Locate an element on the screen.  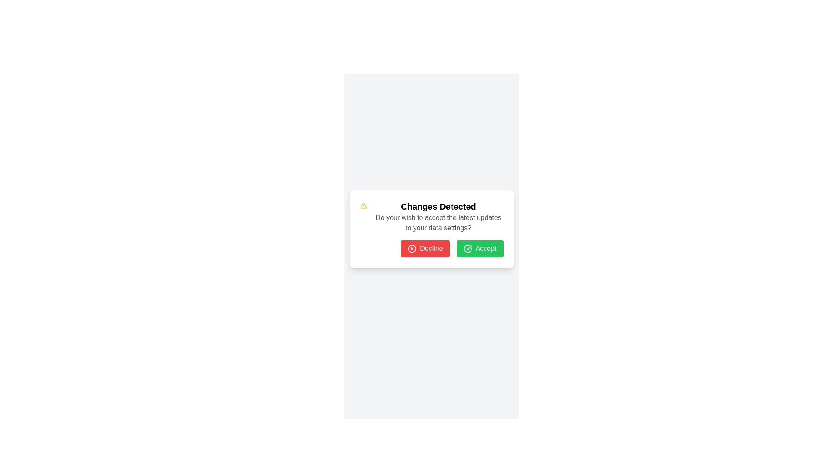
the triangular alert symbol icon with a yellow outline, located at the top left of the modal box titled 'Changes Detected' is located at coordinates (363, 205).